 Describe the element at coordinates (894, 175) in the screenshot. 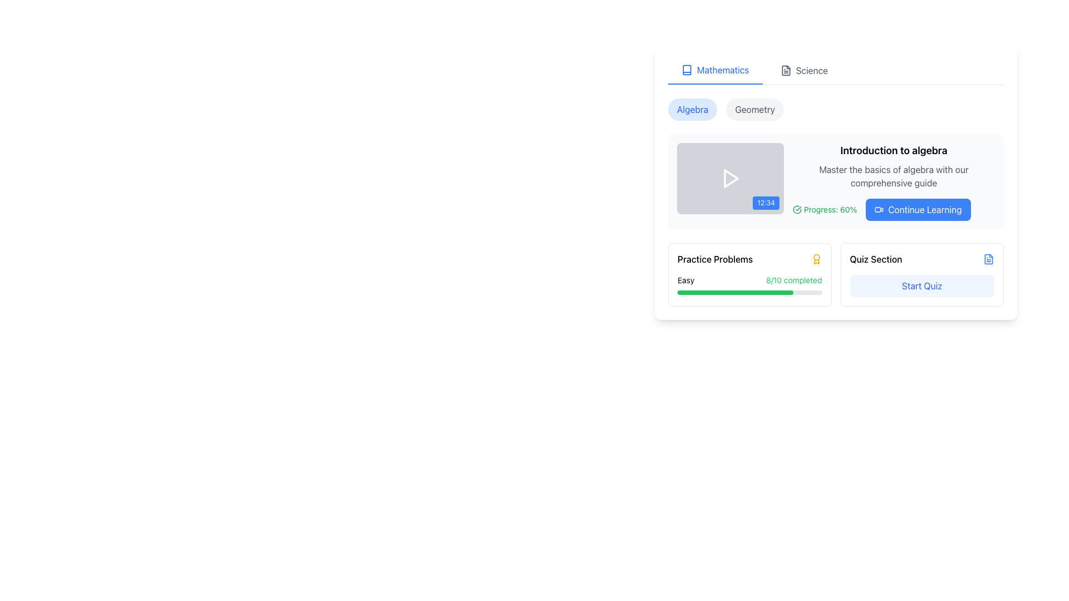

I see `the text label with gray font that says 'Master the basics of algebra with our comprehensive guide', positioned below the heading 'Introduction to algebra'` at that location.